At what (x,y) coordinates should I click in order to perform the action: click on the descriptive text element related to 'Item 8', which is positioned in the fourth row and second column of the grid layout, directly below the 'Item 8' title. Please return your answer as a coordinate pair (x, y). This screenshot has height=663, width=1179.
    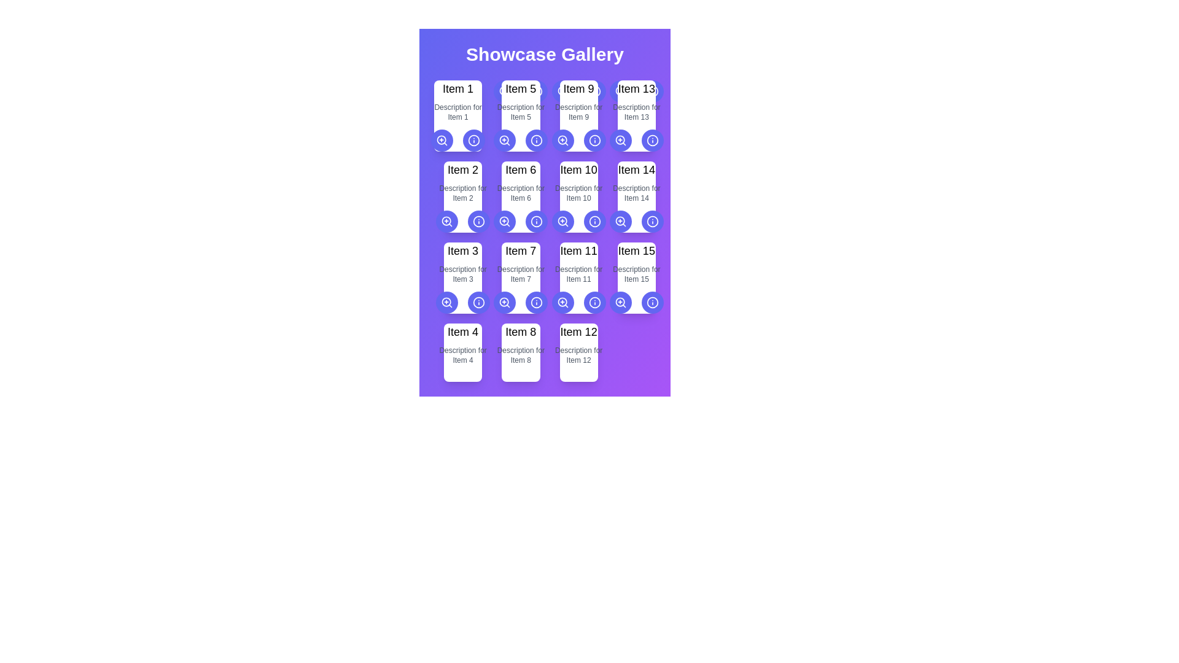
    Looking at the image, I should click on (521, 355).